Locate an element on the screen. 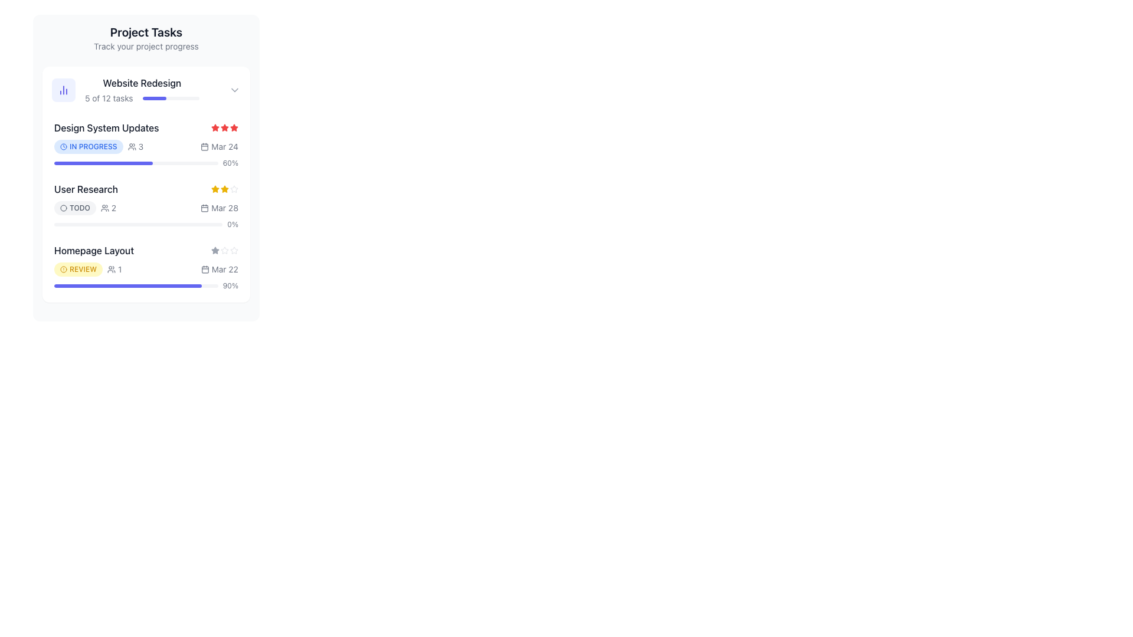 The height and width of the screenshot is (637, 1133). to select the 'Homepage Layout' task information card, which is the fourth card in the 'Project Tasks' section, displaying a title, review status, and a progress bar indicating 90% completion is located at coordinates (146, 267).